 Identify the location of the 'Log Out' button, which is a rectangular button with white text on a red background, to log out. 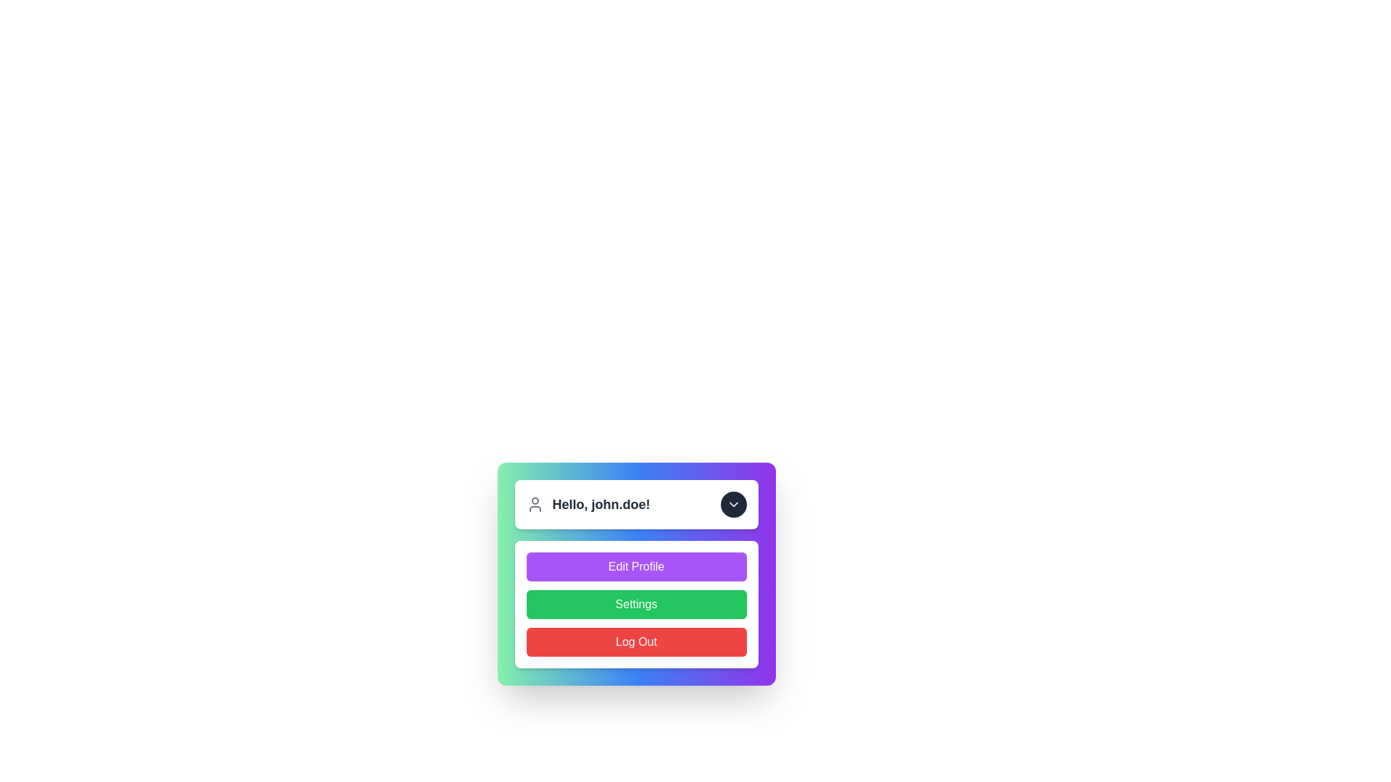
(636, 642).